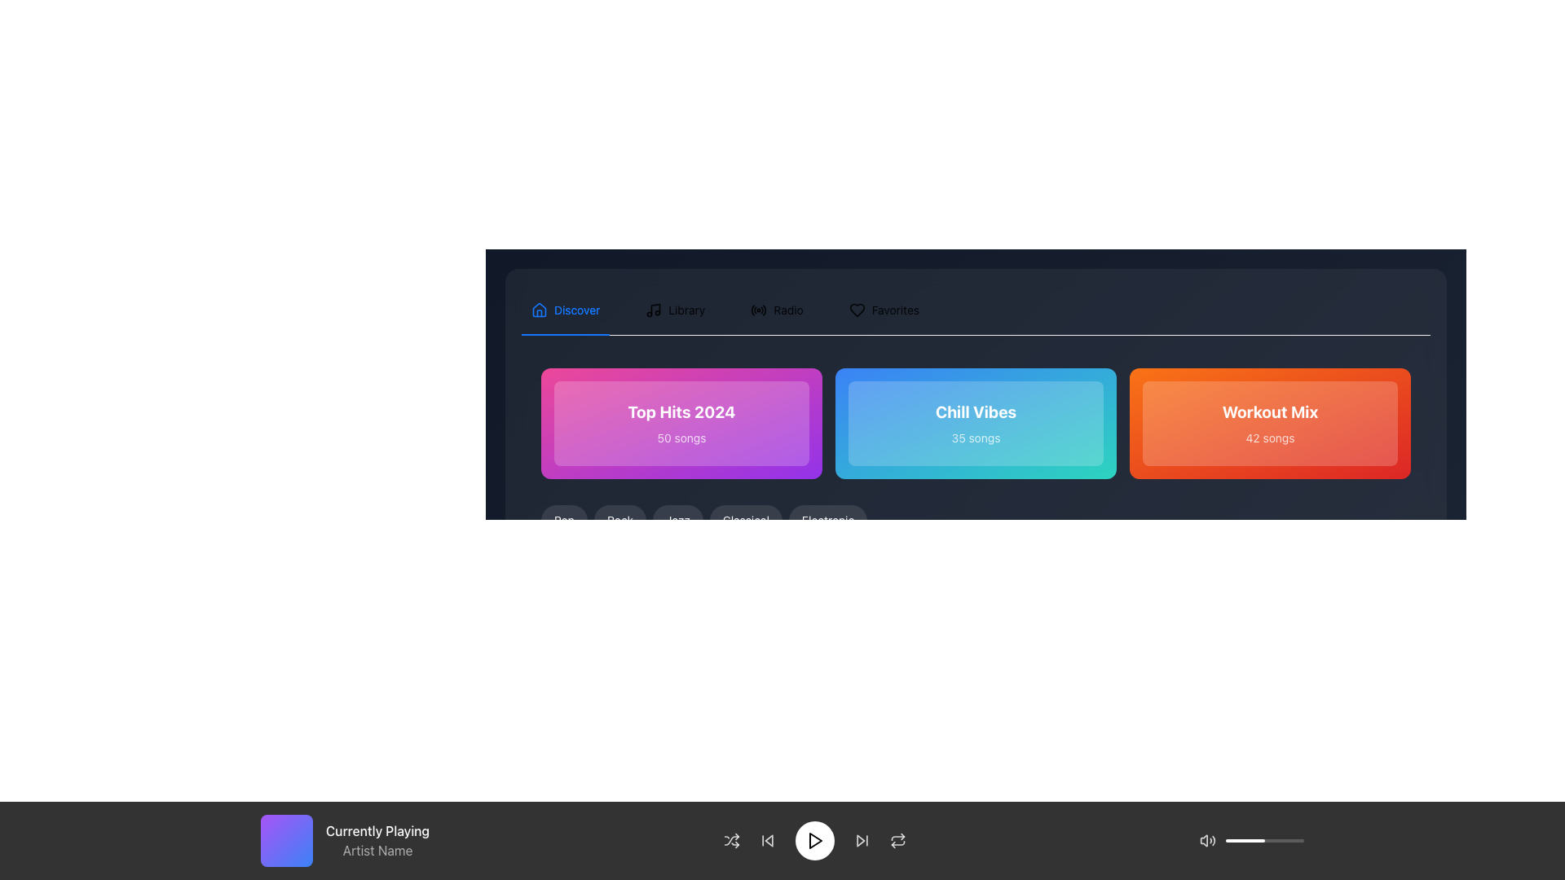  I want to click on the slider position, so click(1250, 841).